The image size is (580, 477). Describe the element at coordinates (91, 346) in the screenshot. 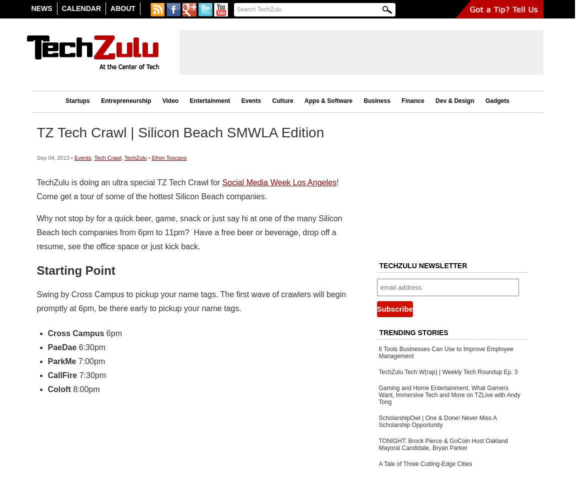

I see `'6:30pm'` at that location.